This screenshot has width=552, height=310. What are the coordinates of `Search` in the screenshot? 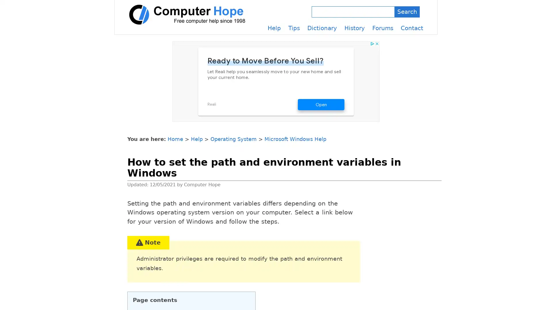 It's located at (407, 11).